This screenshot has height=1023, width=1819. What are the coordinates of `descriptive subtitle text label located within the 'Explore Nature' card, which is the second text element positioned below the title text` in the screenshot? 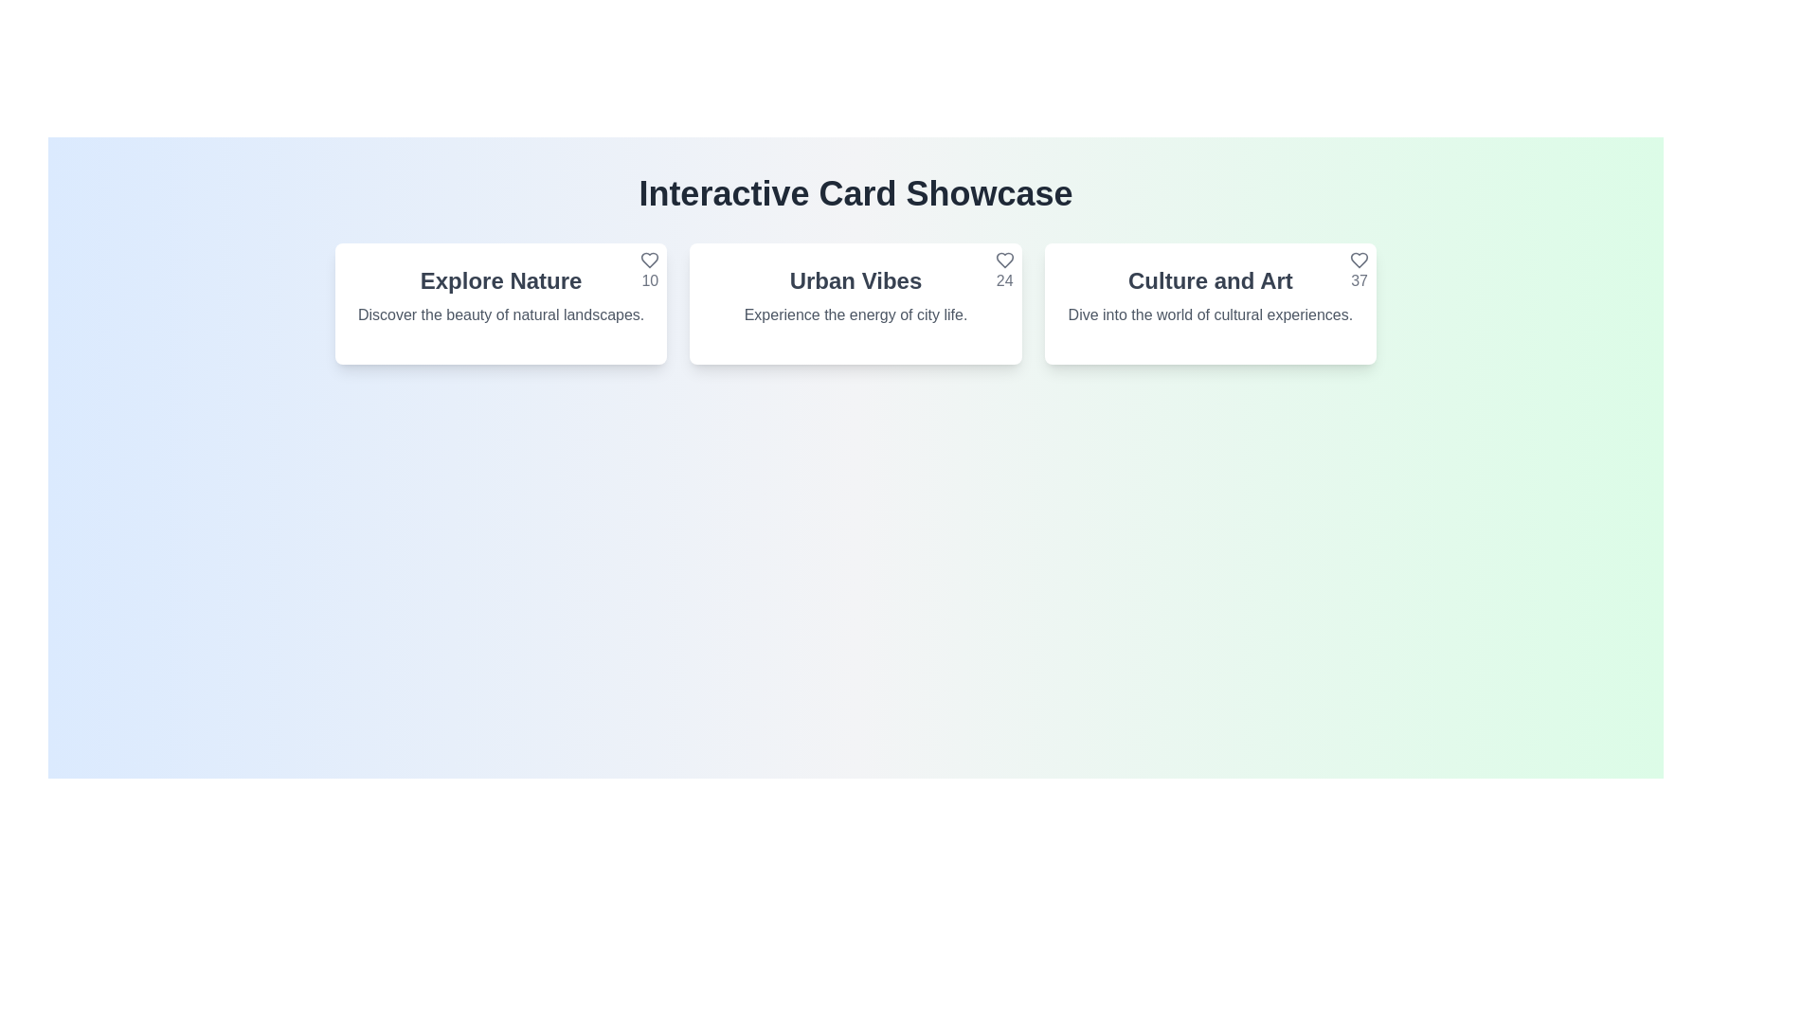 It's located at (501, 314).